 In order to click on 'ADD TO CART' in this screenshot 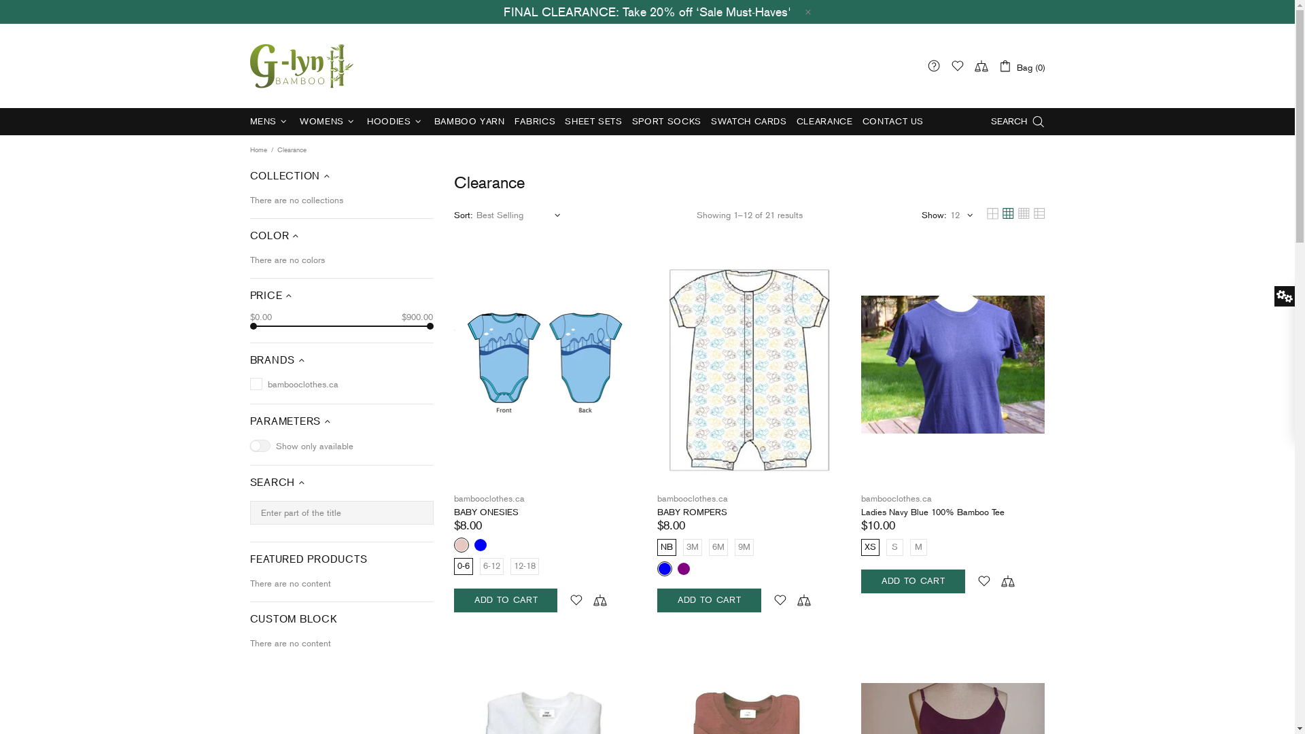, I will do `click(505, 599)`.